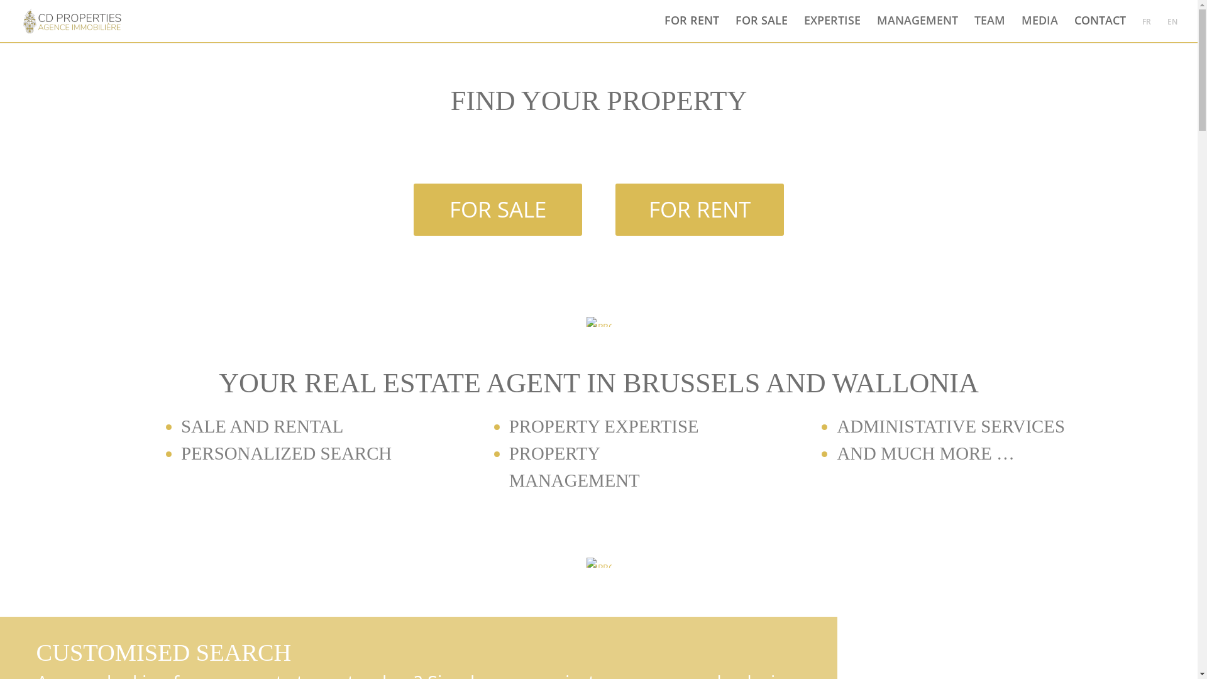 This screenshot has height=679, width=1207. Describe the element at coordinates (917, 28) in the screenshot. I see `'MANAGEMENT'` at that location.